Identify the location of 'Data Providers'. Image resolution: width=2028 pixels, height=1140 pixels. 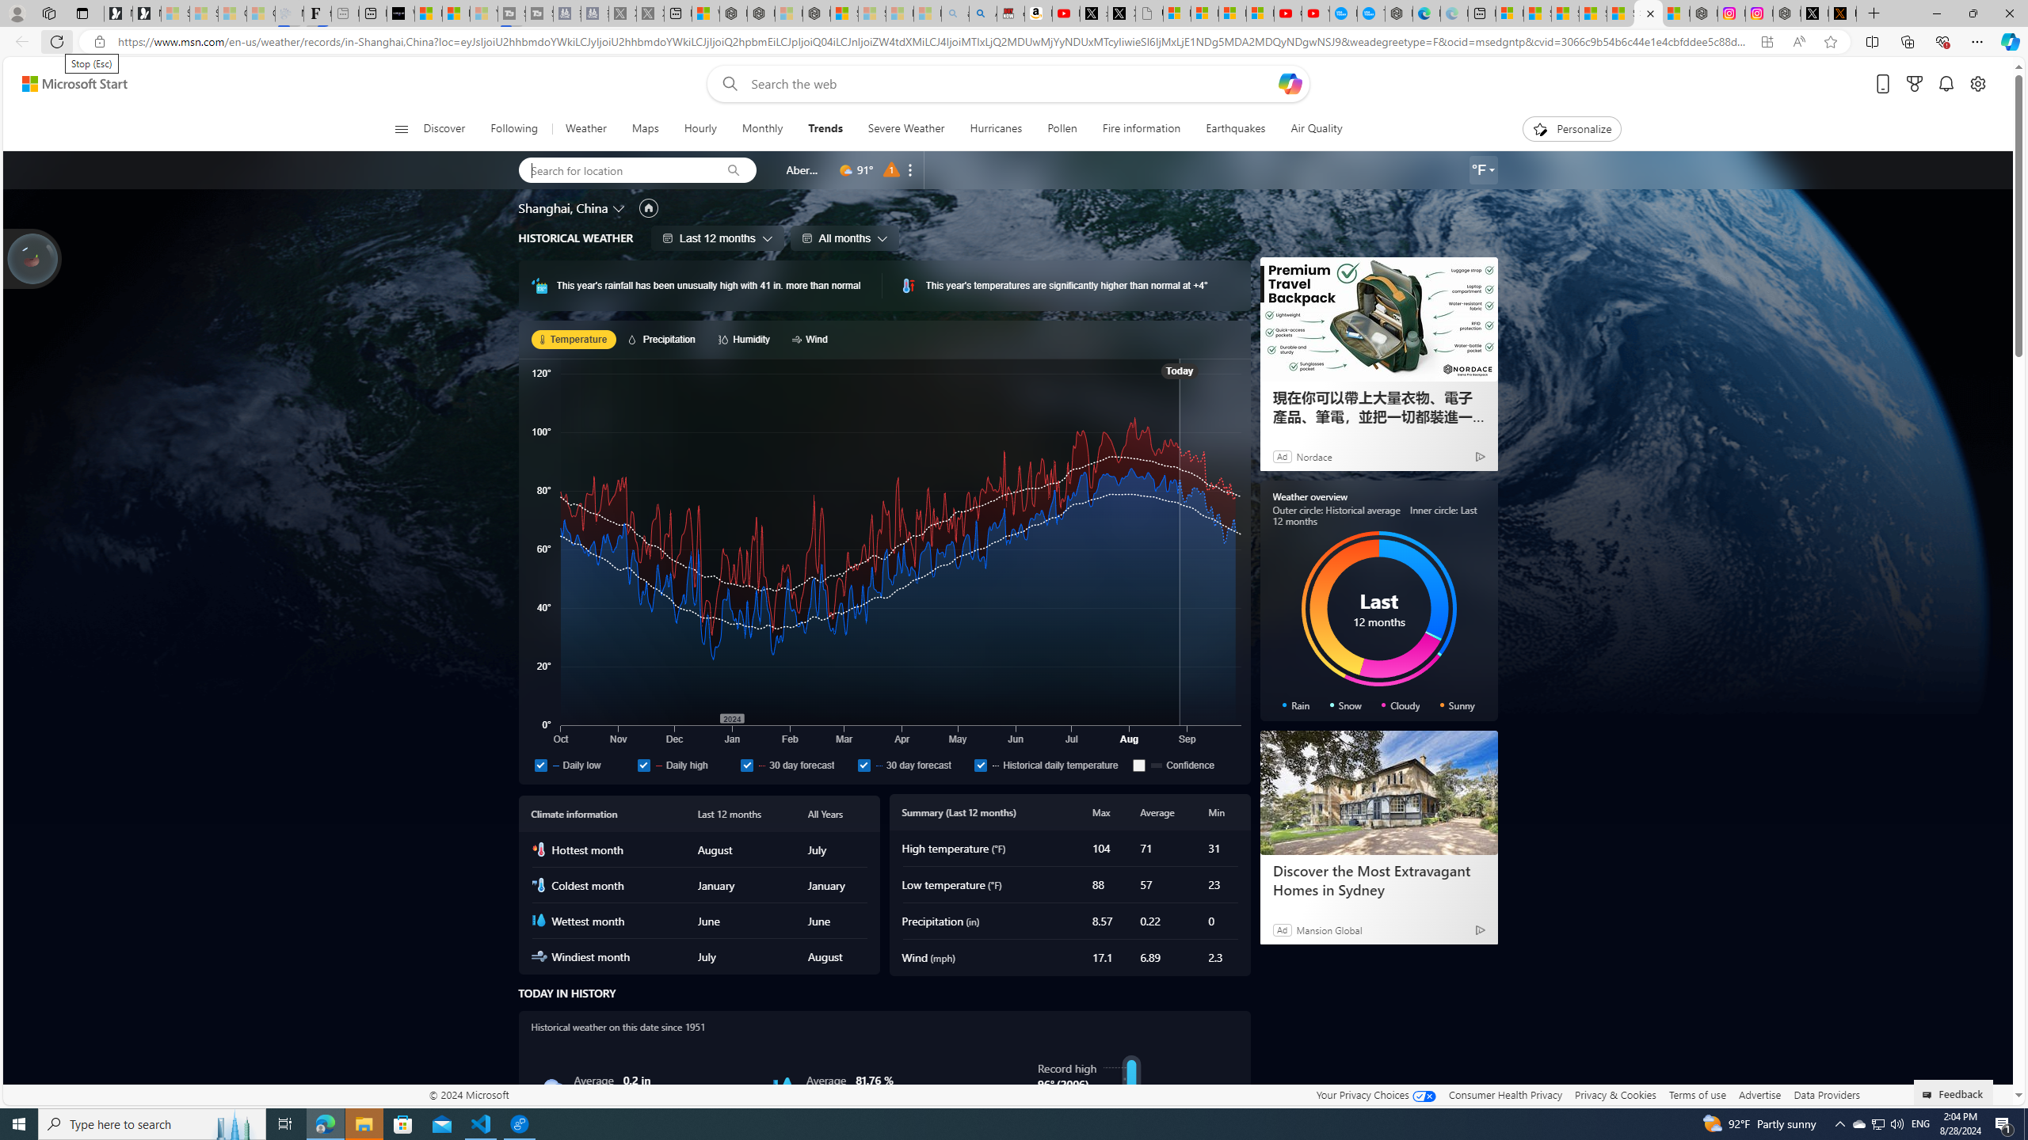
(1825, 1094).